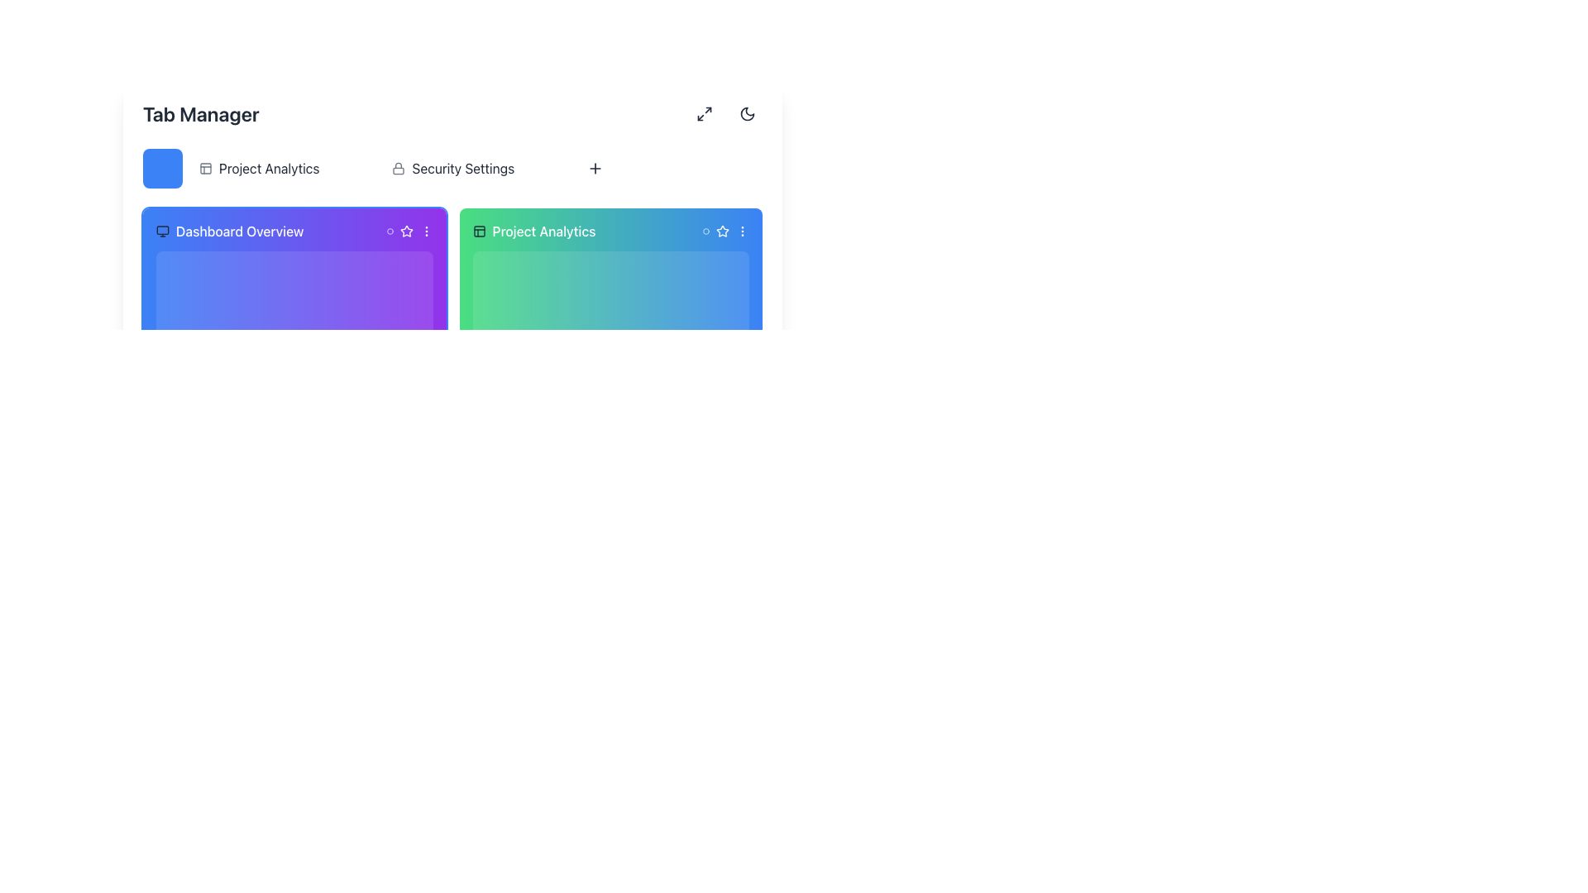 The height and width of the screenshot is (893, 1588). I want to click on the 'Project Analytics' label, which is a medium-weight white text on a green-to-blue gradient background, located in the second card of a series of horizontally arranged cards, so click(543, 232).